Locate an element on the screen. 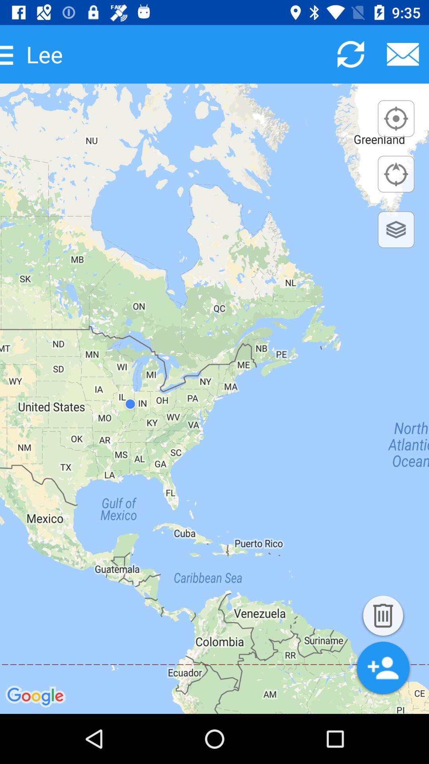  refresh page is located at coordinates (350, 54).